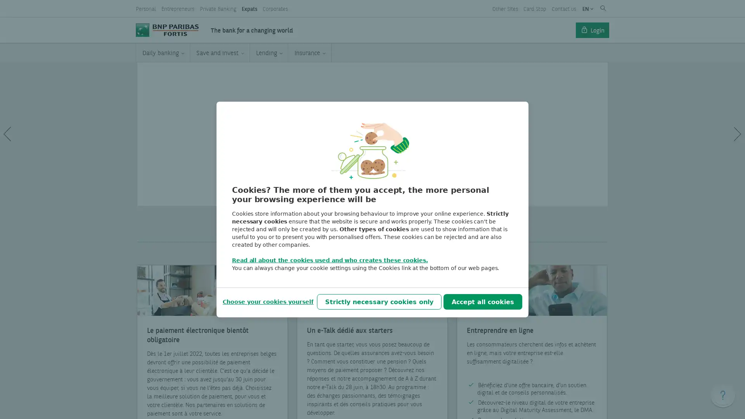 The height and width of the screenshot is (419, 745). I want to click on Submit, so click(603, 9).